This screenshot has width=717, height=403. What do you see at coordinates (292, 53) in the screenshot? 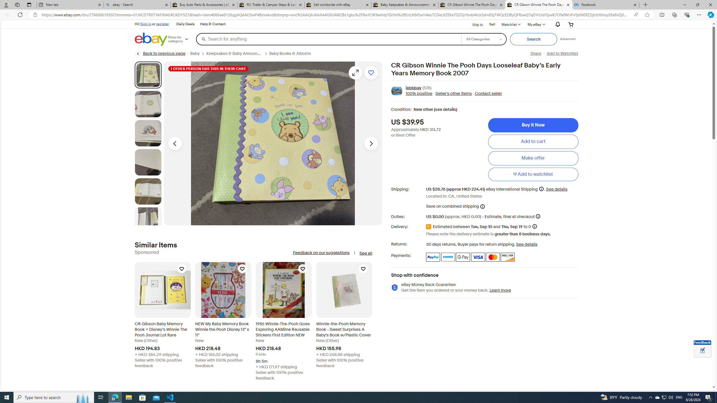
I see `'Baby Books & Albums'` at bounding box center [292, 53].